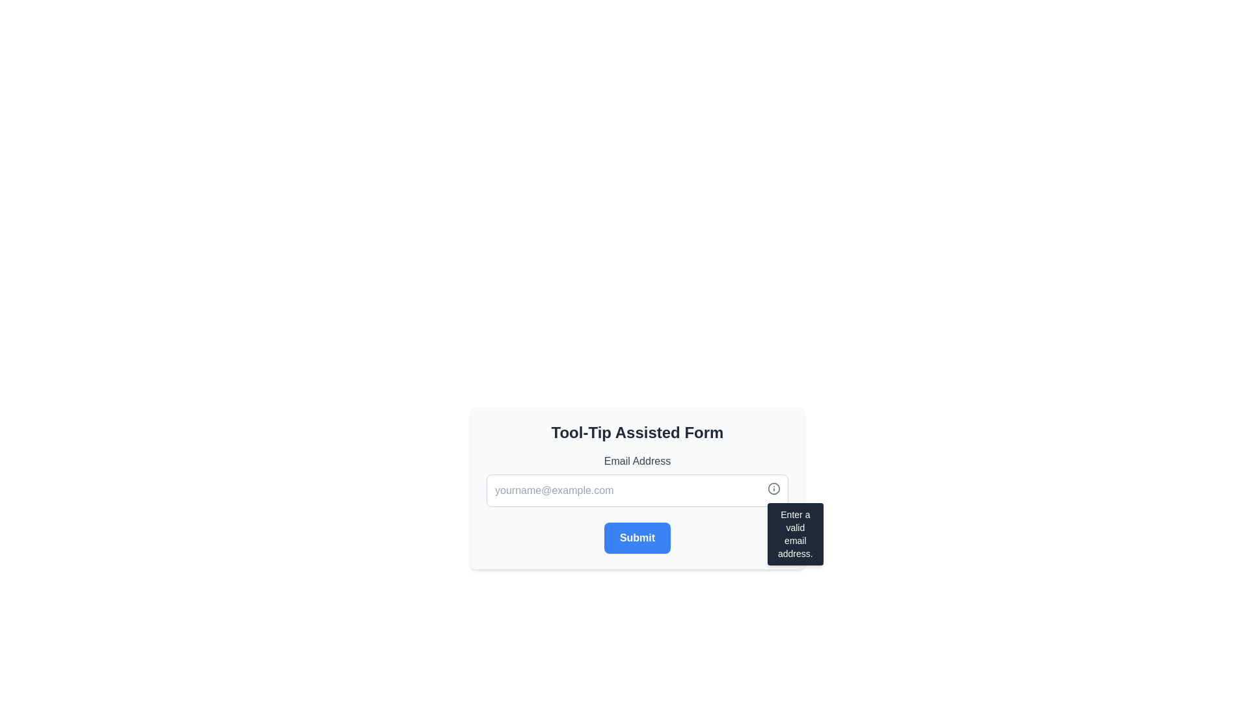 The width and height of the screenshot is (1249, 702). What do you see at coordinates (637, 538) in the screenshot?
I see `the 'Submit' button with a white label on a bold blue background` at bounding box center [637, 538].